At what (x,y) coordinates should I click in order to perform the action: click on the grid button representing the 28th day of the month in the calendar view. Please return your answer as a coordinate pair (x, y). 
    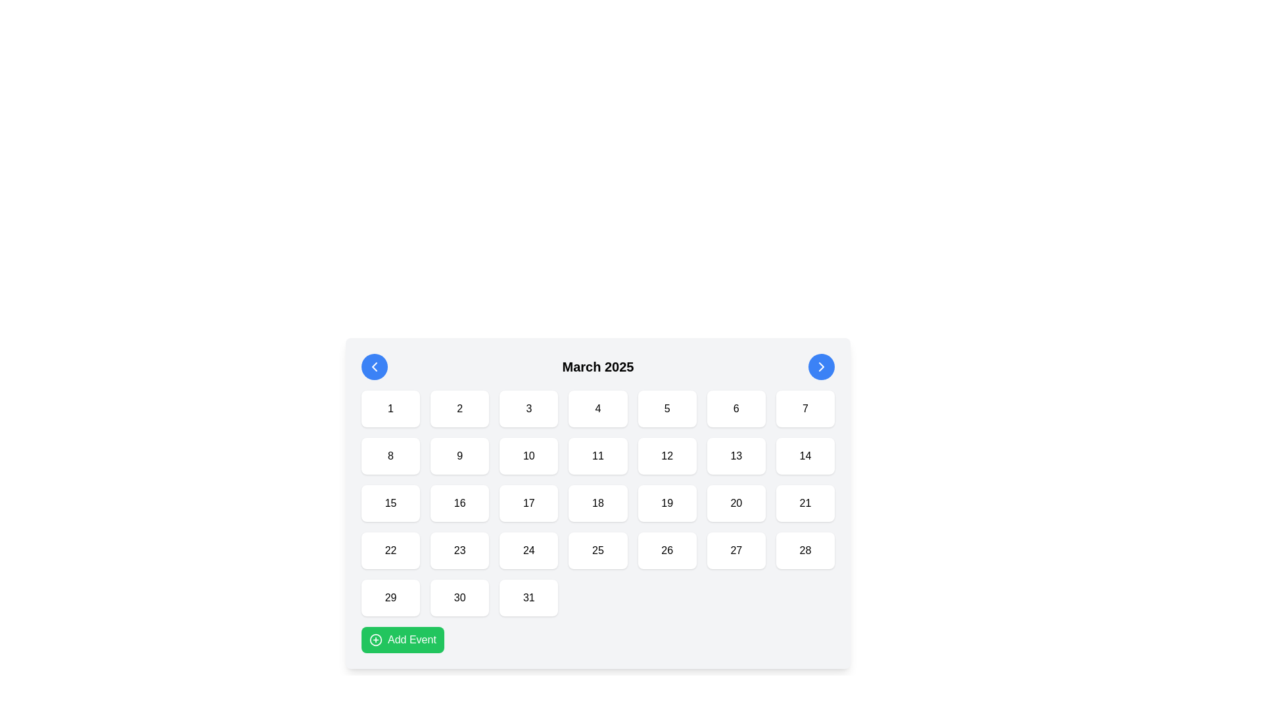
    Looking at the image, I should click on (805, 551).